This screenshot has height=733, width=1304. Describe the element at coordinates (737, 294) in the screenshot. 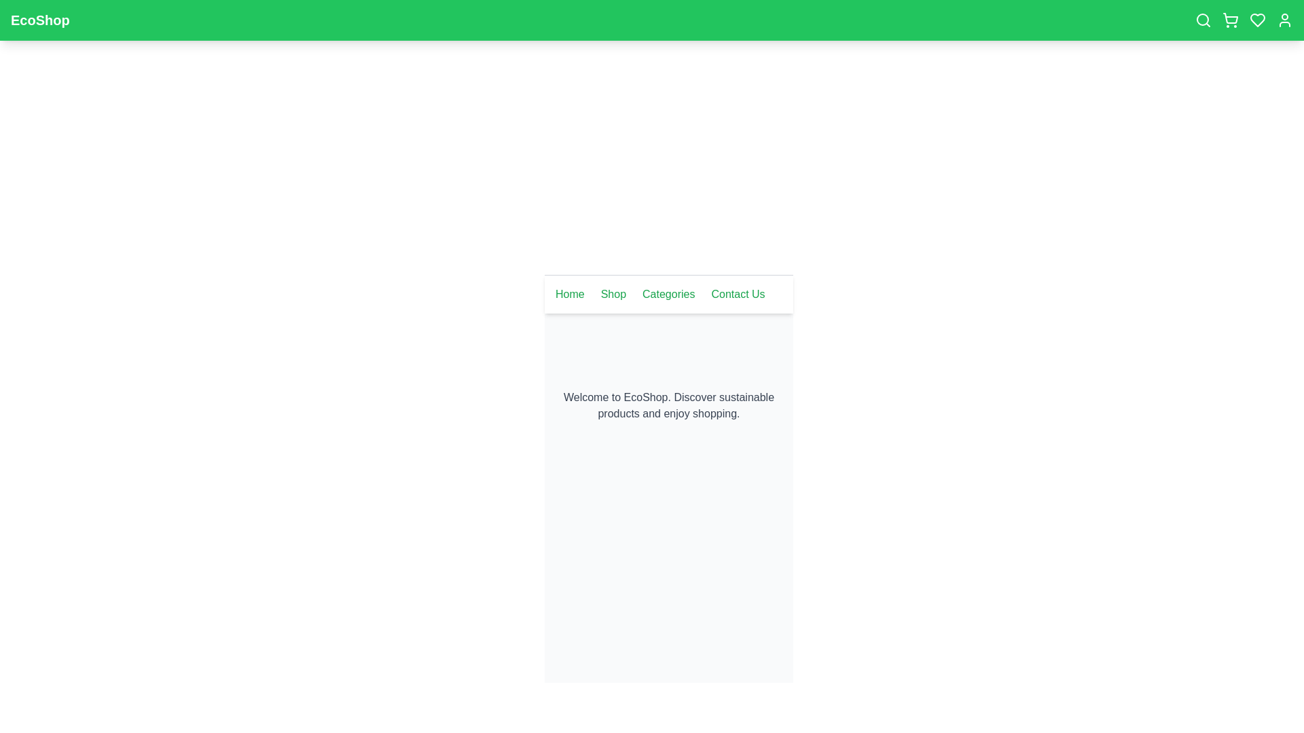

I see `the 'Contact Us' link in the navigation bar` at that location.